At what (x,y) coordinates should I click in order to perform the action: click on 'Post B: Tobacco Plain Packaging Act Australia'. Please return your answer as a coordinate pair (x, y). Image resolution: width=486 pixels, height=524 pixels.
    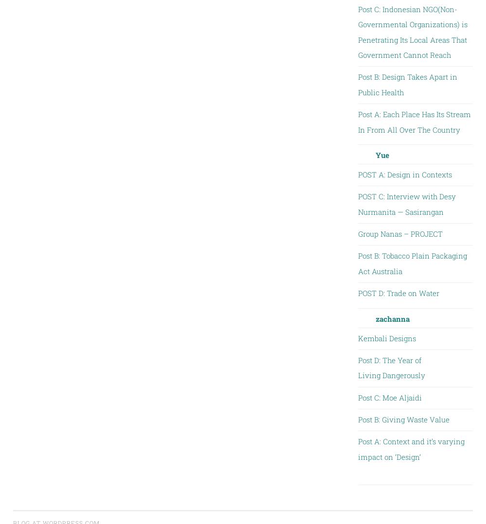
    Looking at the image, I should click on (412, 262).